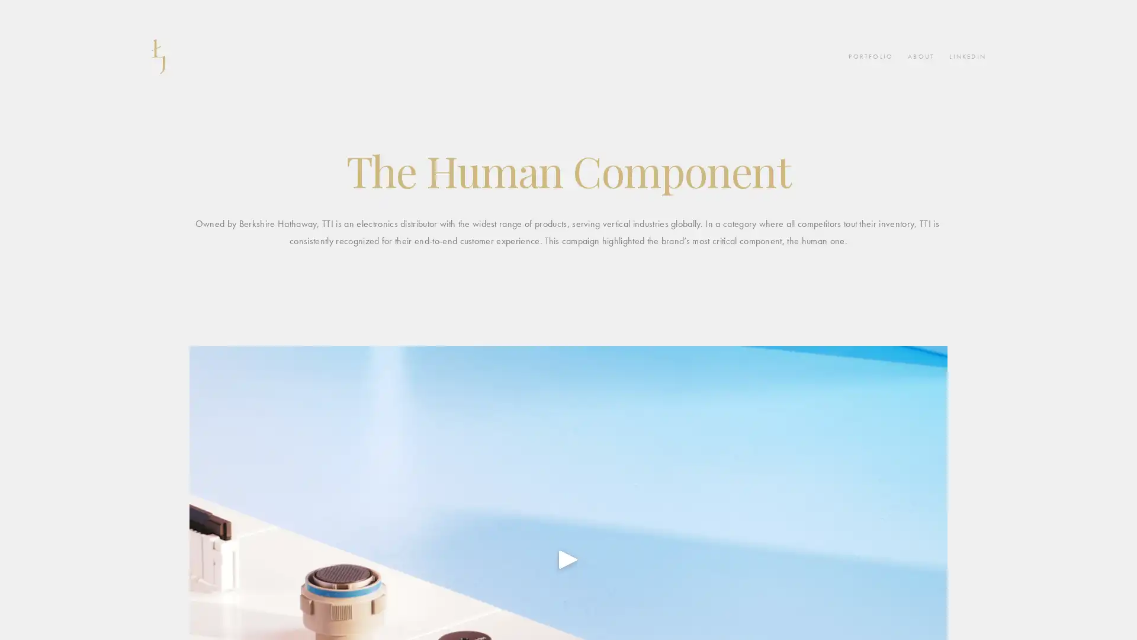 Image resolution: width=1137 pixels, height=640 pixels. Describe the element at coordinates (568, 558) in the screenshot. I see `Play` at that location.